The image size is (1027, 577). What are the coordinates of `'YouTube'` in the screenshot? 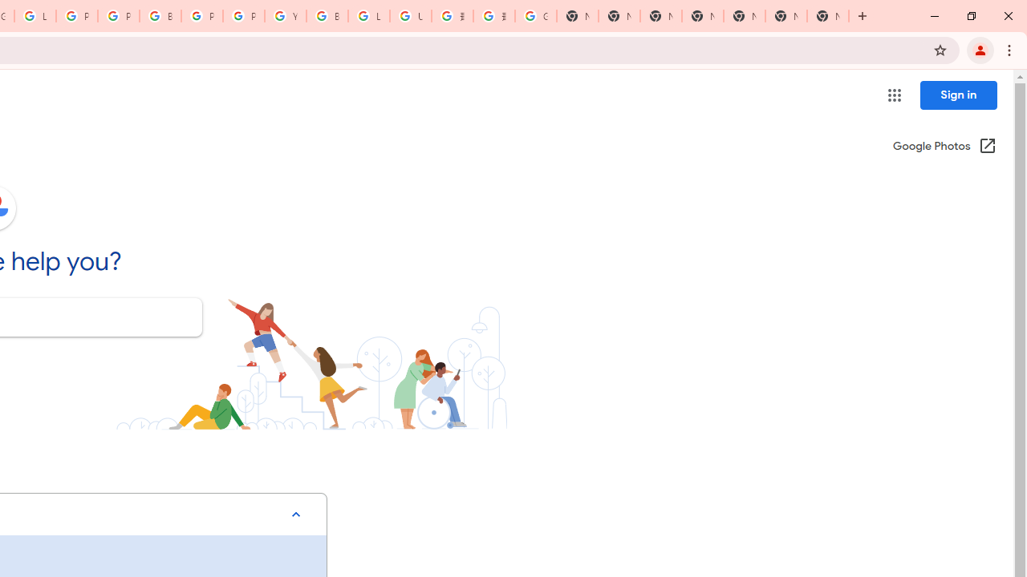 It's located at (285, 16).